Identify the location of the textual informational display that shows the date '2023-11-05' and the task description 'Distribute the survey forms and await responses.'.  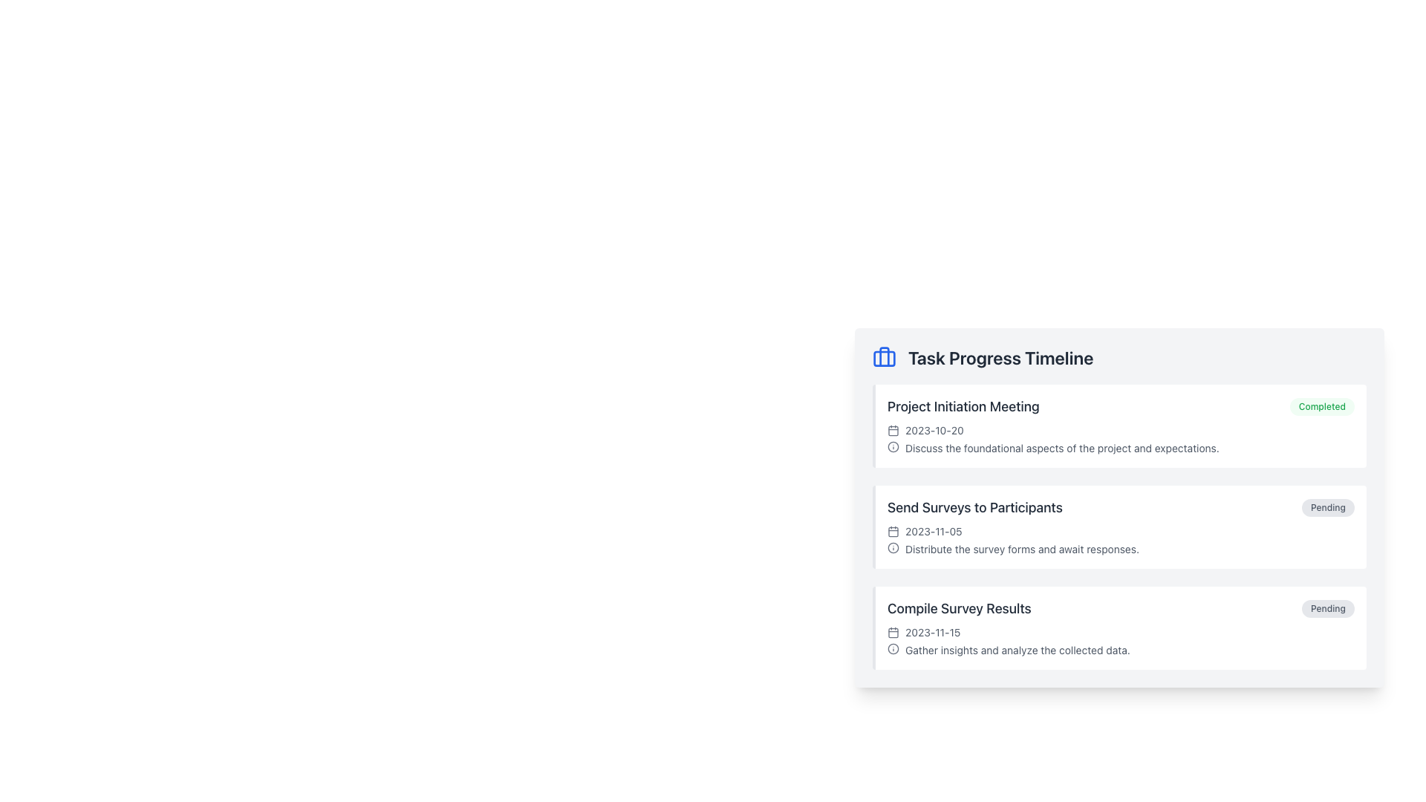
(1121, 541).